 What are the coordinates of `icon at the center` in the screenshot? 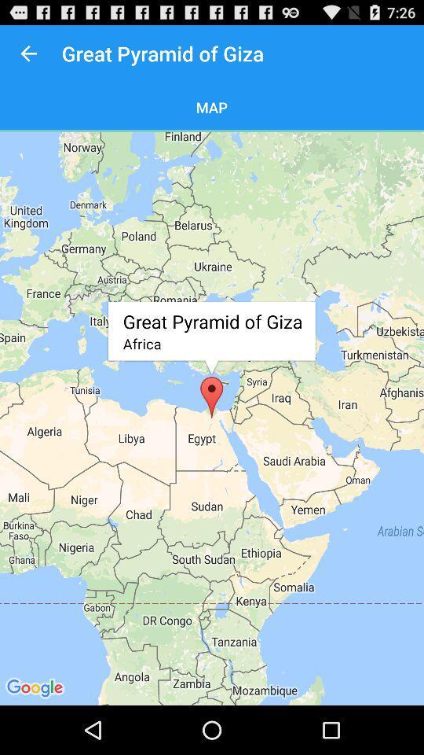 It's located at (212, 418).